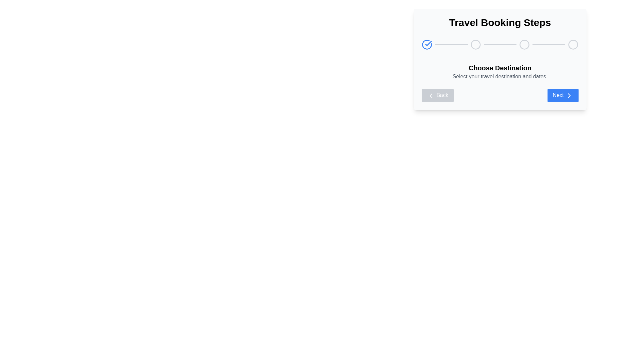 The image size is (641, 360). What do you see at coordinates (500, 76) in the screenshot?
I see `the text label displaying 'Select your travel destination and dates.' which is located below the headline 'Choose Destination' in the 'Travel Booking Steps' panel` at bounding box center [500, 76].